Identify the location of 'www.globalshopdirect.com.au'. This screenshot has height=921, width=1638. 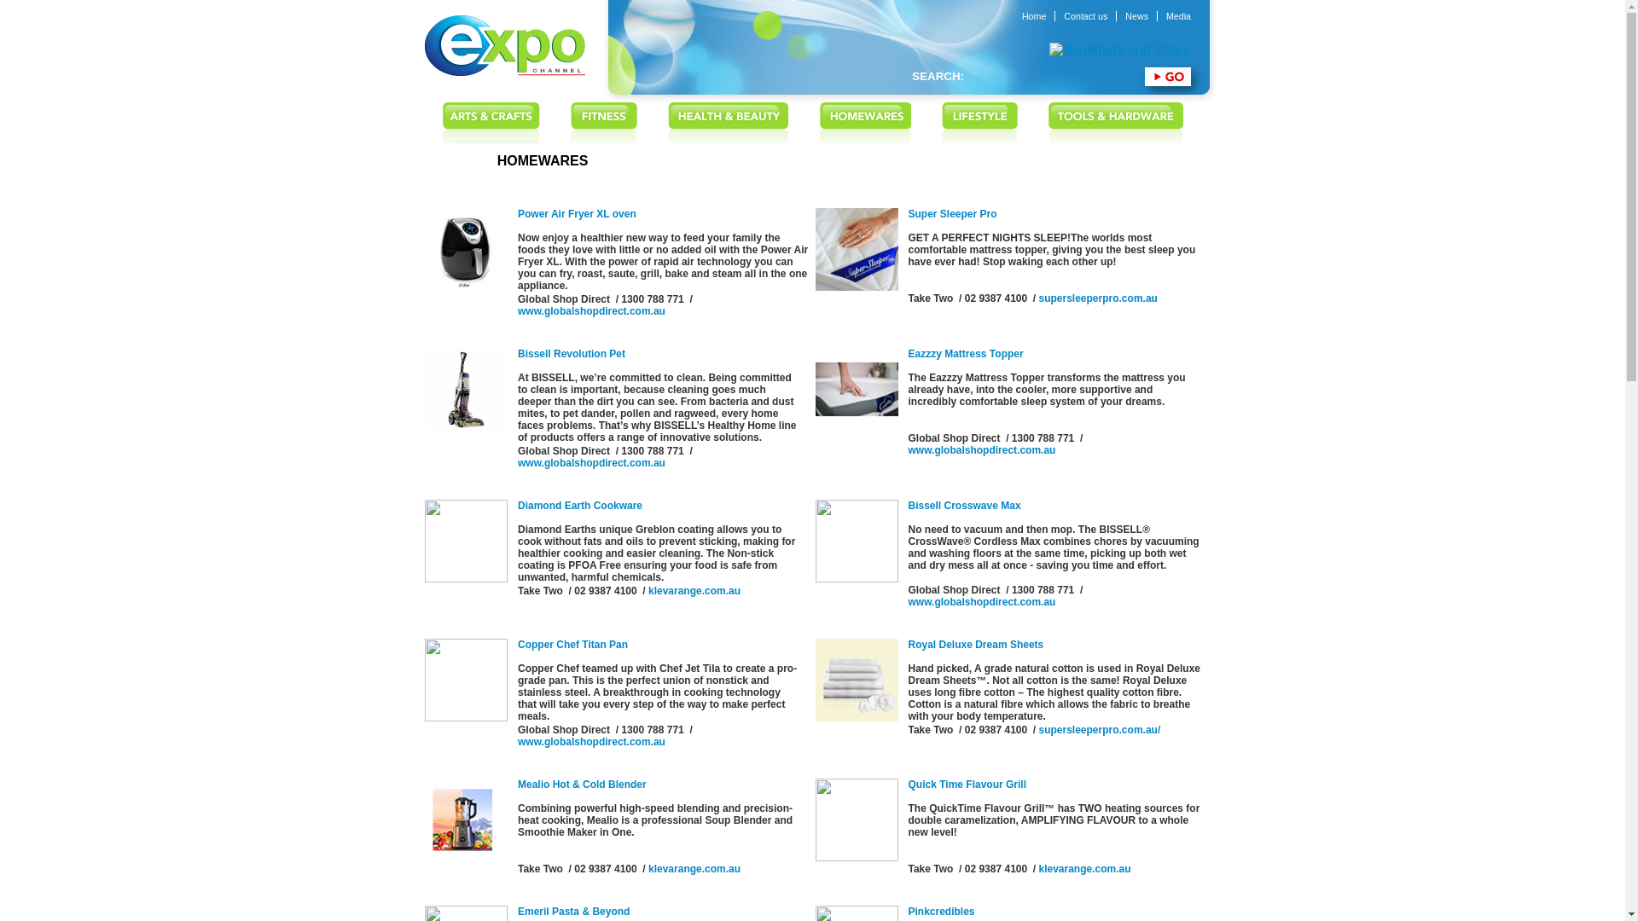
(591, 311).